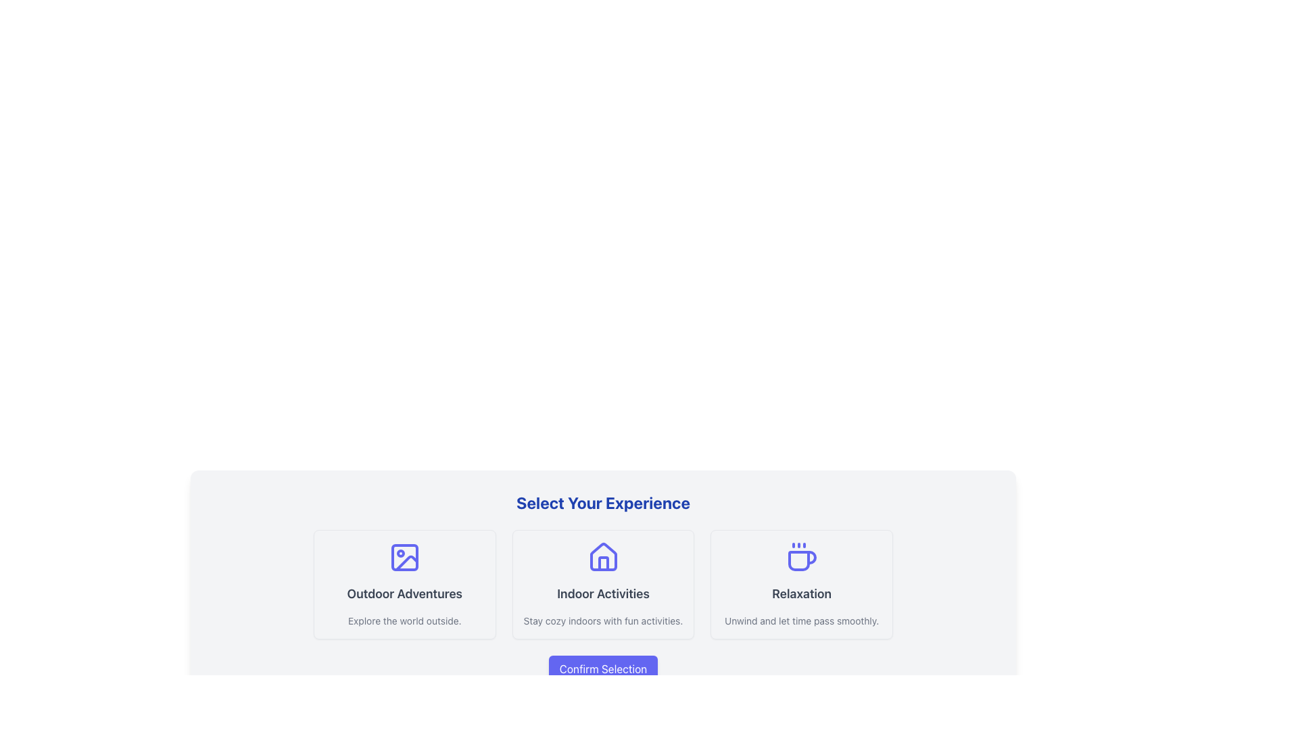  What do you see at coordinates (802, 593) in the screenshot?
I see `the 'Relaxation' text label, which serves as a title for its card and is the last in a horizontally aligned list of sibling titles` at bounding box center [802, 593].